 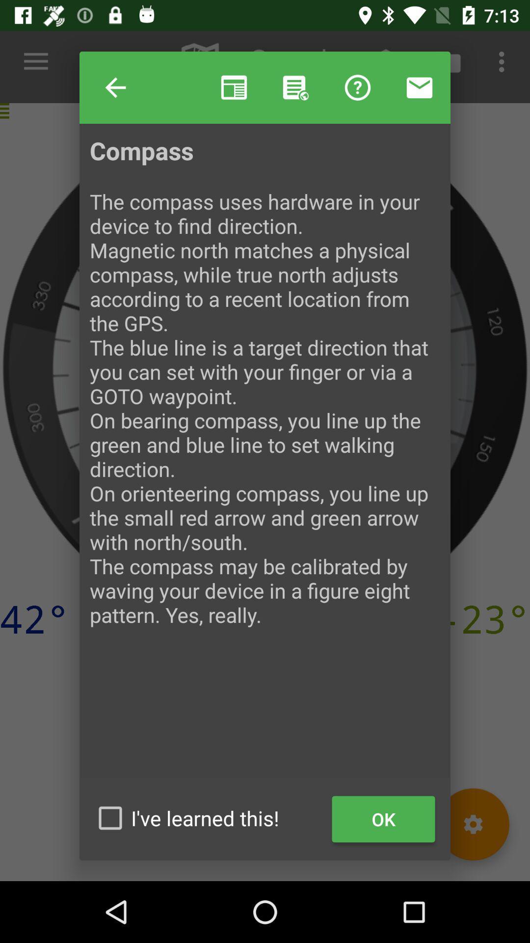 What do you see at coordinates (383, 819) in the screenshot?
I see `item at the bottom right corner` at bounding box center [383, 819].